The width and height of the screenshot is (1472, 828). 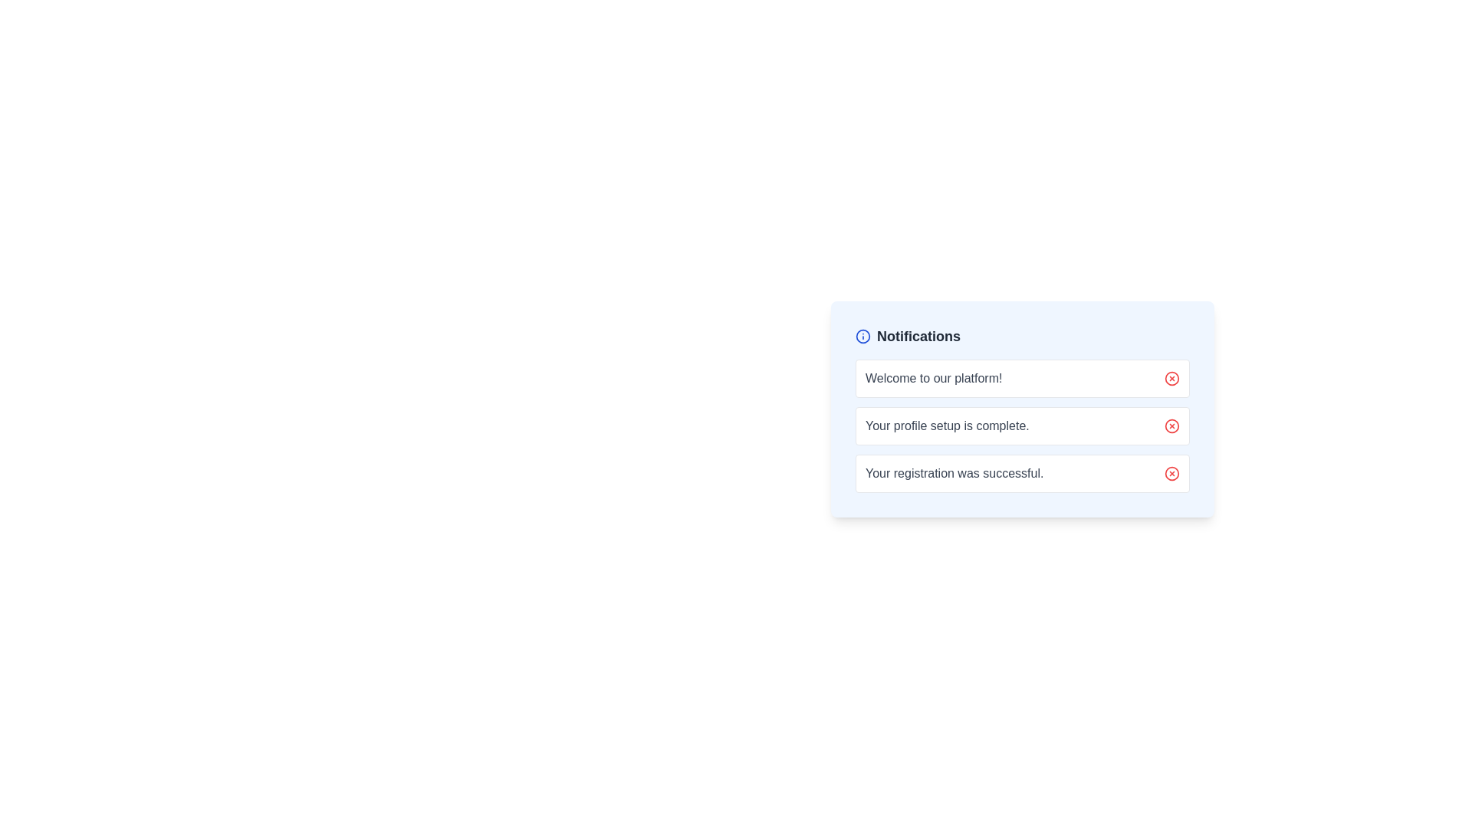 I want to click on the static success message indicating the conclusion of the registration process, which is centrally aligned at the bottom of the notification list, so click(x=954, y=472).